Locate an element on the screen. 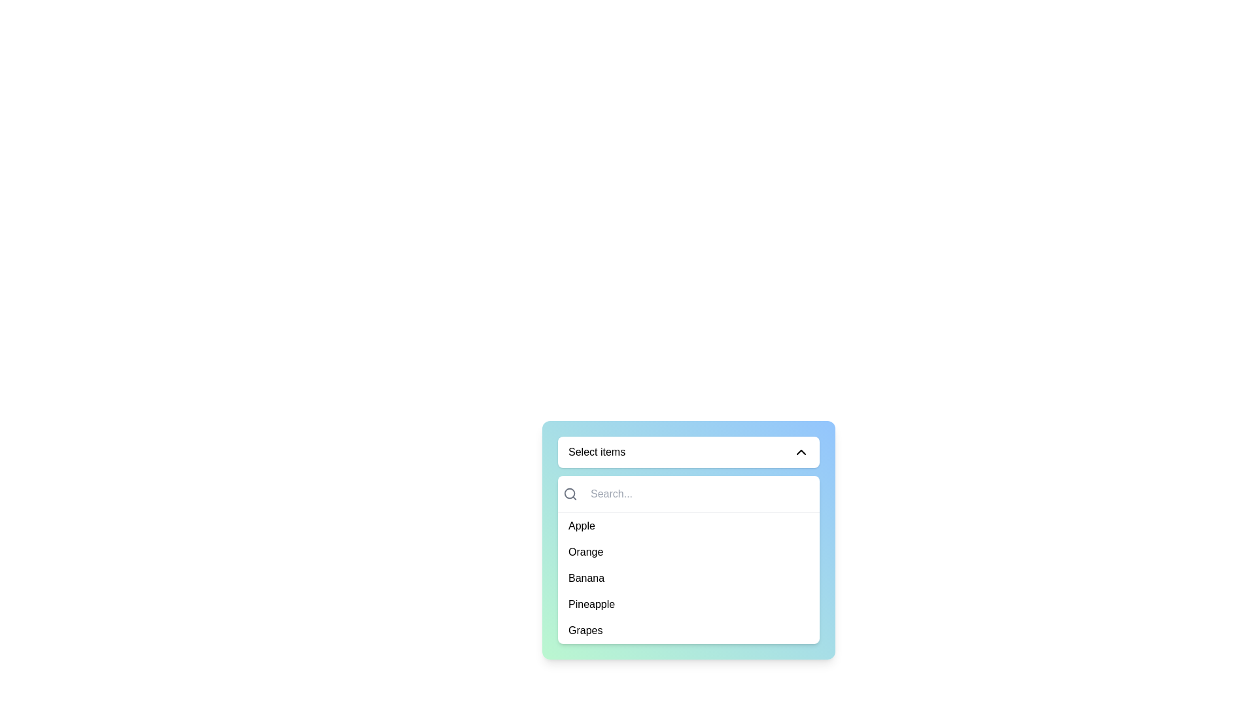 The width and height of the screenshot is (1256, 706). the 'Grapes' text label in the selectable dropdown menu is located at coordinates (585, 630).